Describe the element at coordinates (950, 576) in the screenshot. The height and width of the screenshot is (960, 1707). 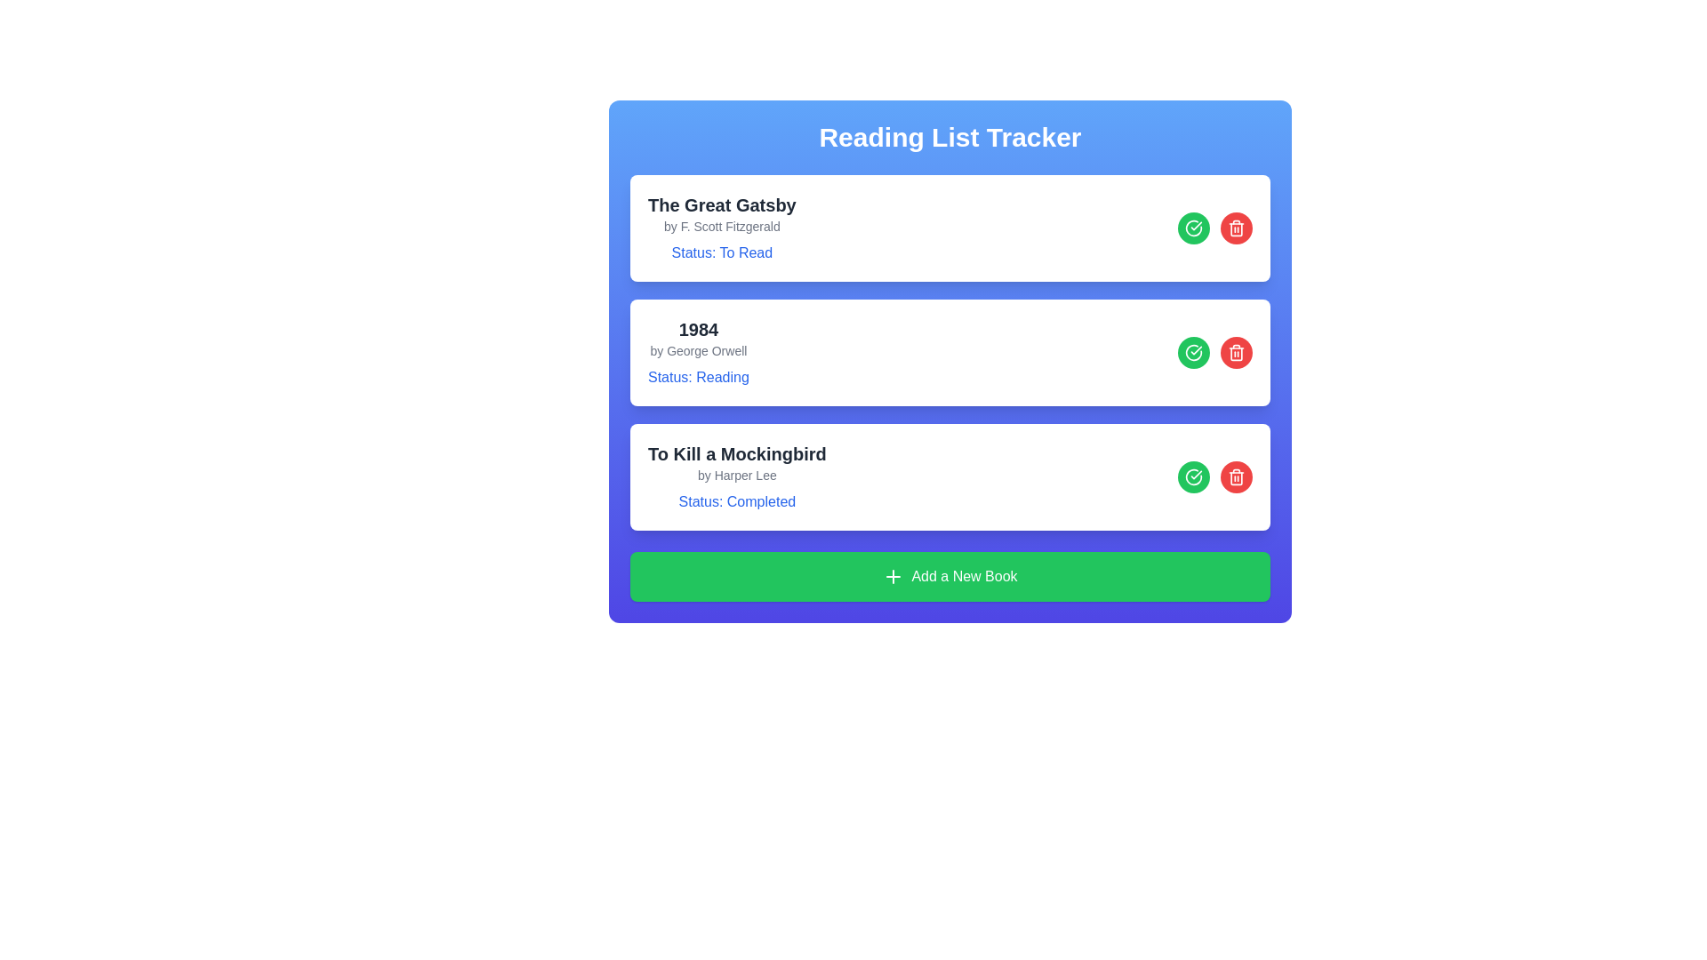
I see `the 'Add New Book' button located at the bottom of the interface` at that location.